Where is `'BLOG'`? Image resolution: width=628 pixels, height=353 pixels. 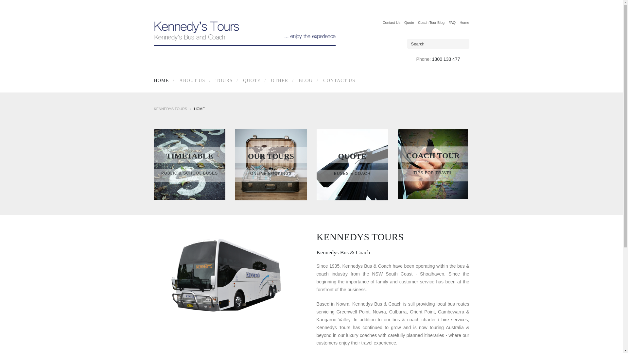
'BLOG' is located at coordinates (304, 80).